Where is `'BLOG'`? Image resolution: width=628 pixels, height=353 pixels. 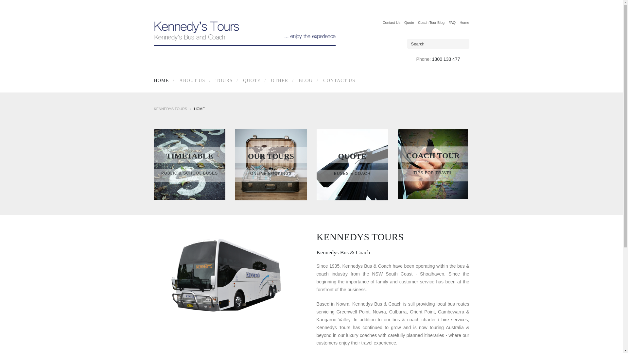
'BLOG' is located at coordinates (304, 80).